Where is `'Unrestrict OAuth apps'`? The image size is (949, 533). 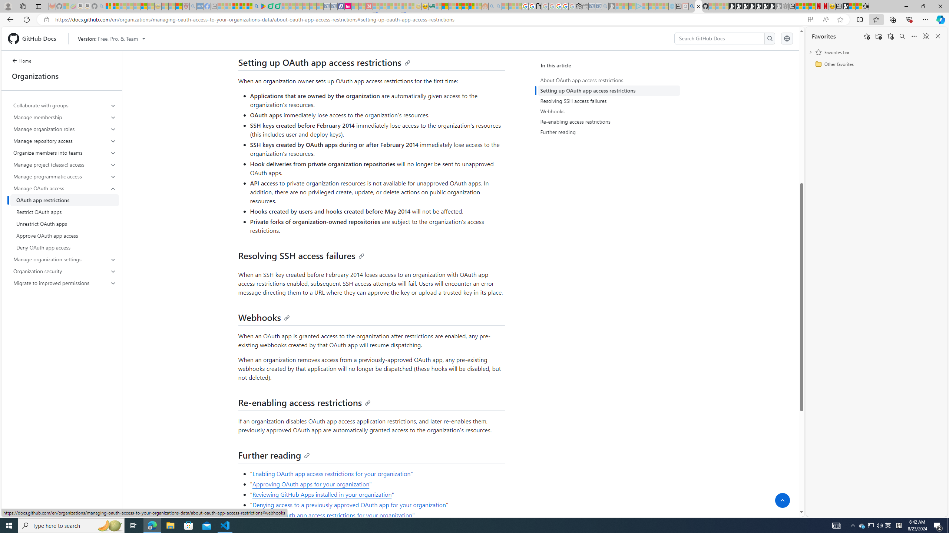 'Unrestrict OAuth apps' is located at coordinates (65, 224).